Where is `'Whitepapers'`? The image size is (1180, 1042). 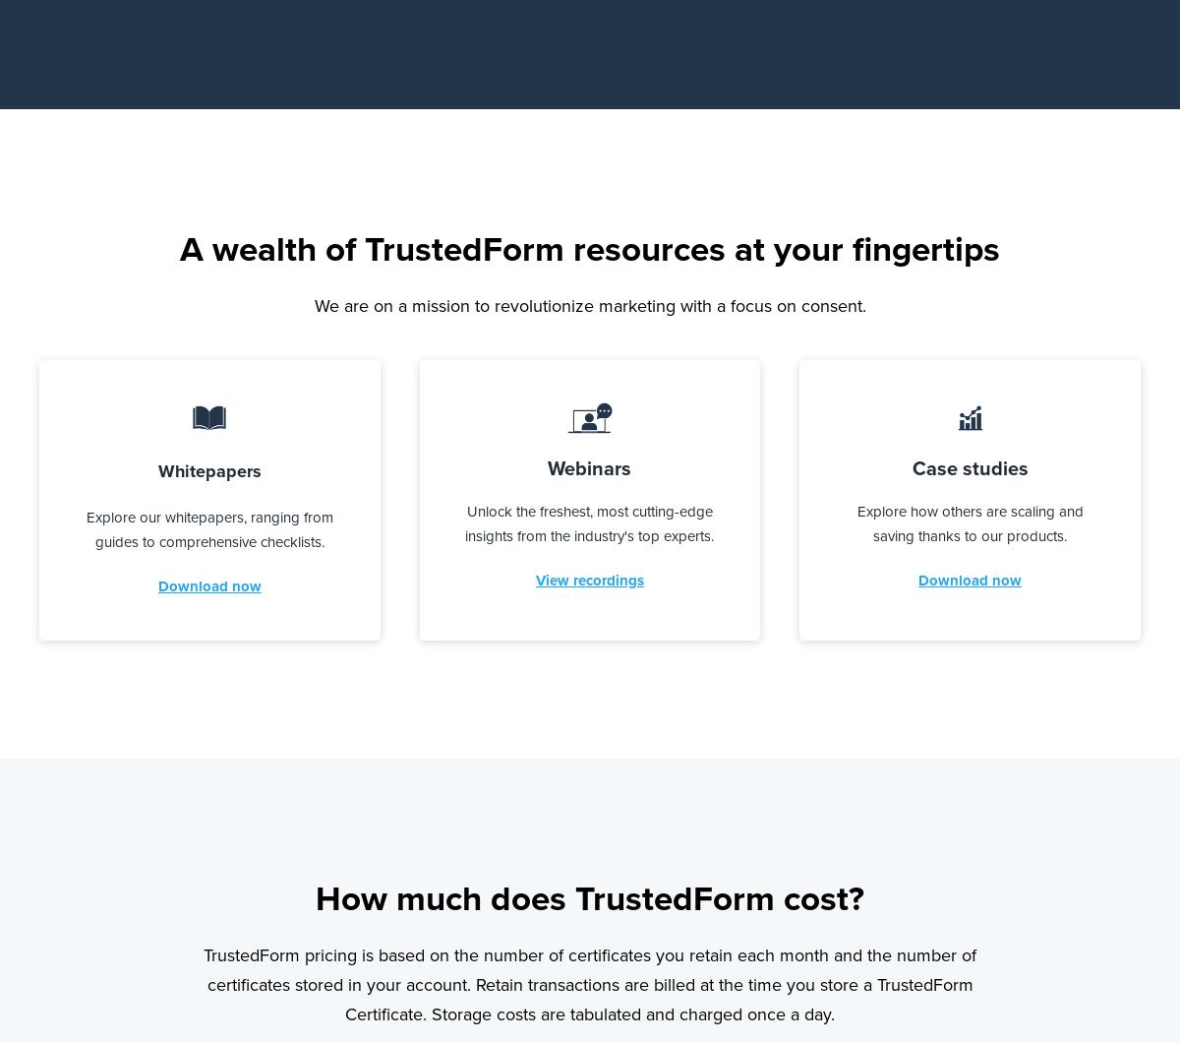 'Whitepapers' is located at coordinates (207, 468).